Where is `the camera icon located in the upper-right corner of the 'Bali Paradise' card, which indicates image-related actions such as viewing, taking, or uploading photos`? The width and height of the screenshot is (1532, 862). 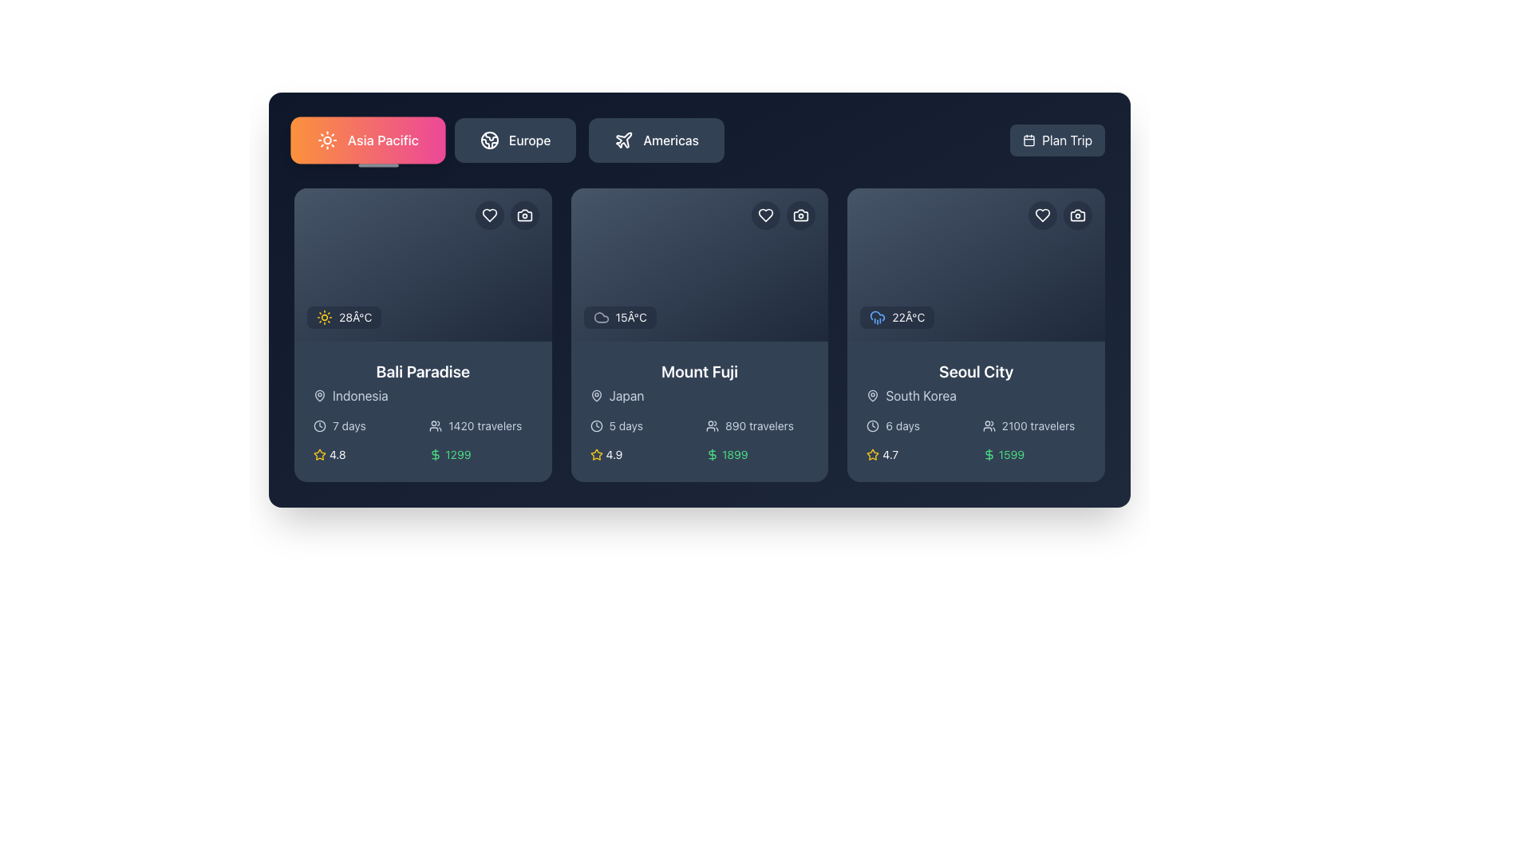
the camera icon located in the upper-right corner of the 'Bali Paradise' card, which indicates image-related actions such as viewing, taking, or uploading photos is located at coordinates (524, 215).